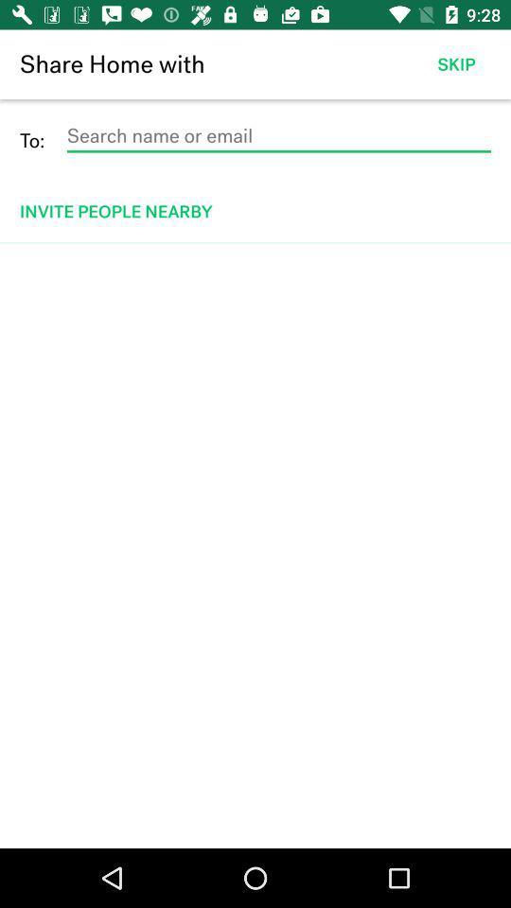 Image resolution: width=511 pixels, height=908 pixels. What do you see at coordinates (256, 211) in the screenshot?
I see `invite people nearby` at bounding box center [256, 211].